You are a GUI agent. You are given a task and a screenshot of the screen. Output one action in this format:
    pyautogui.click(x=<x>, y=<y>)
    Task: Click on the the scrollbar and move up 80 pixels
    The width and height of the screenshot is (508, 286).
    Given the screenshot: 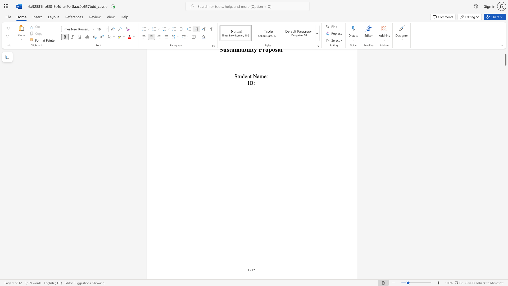 What is the action you would take?
    pyautogui.click(x=505, y=60)
    